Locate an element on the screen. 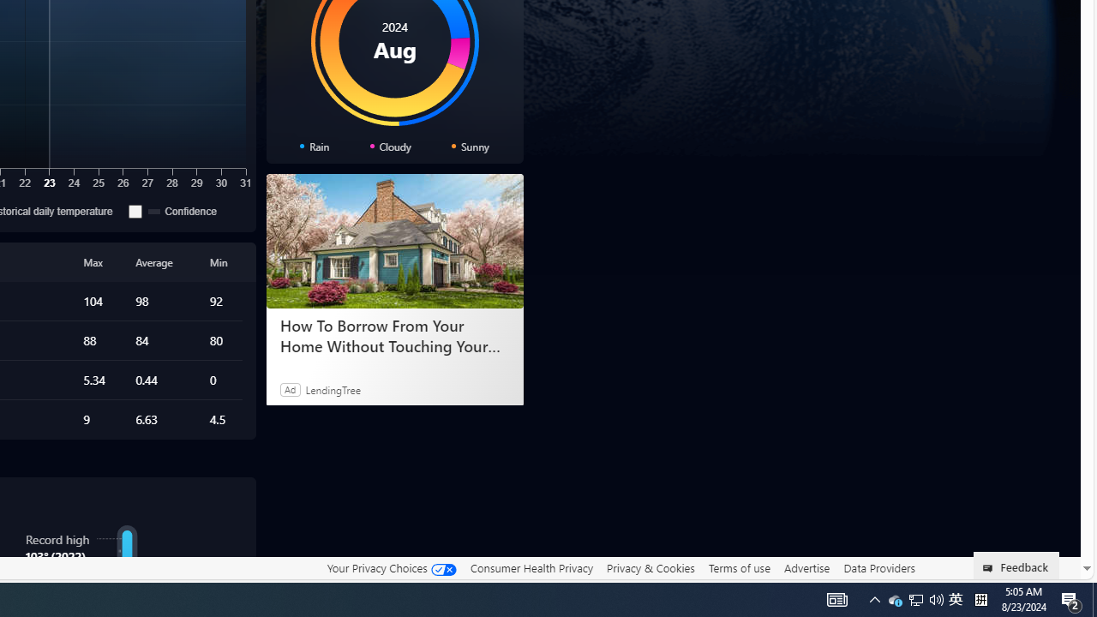 This screenshot has width=1097, height=617. 'Privacy & Cookies' is located at coordinates (650, 568).